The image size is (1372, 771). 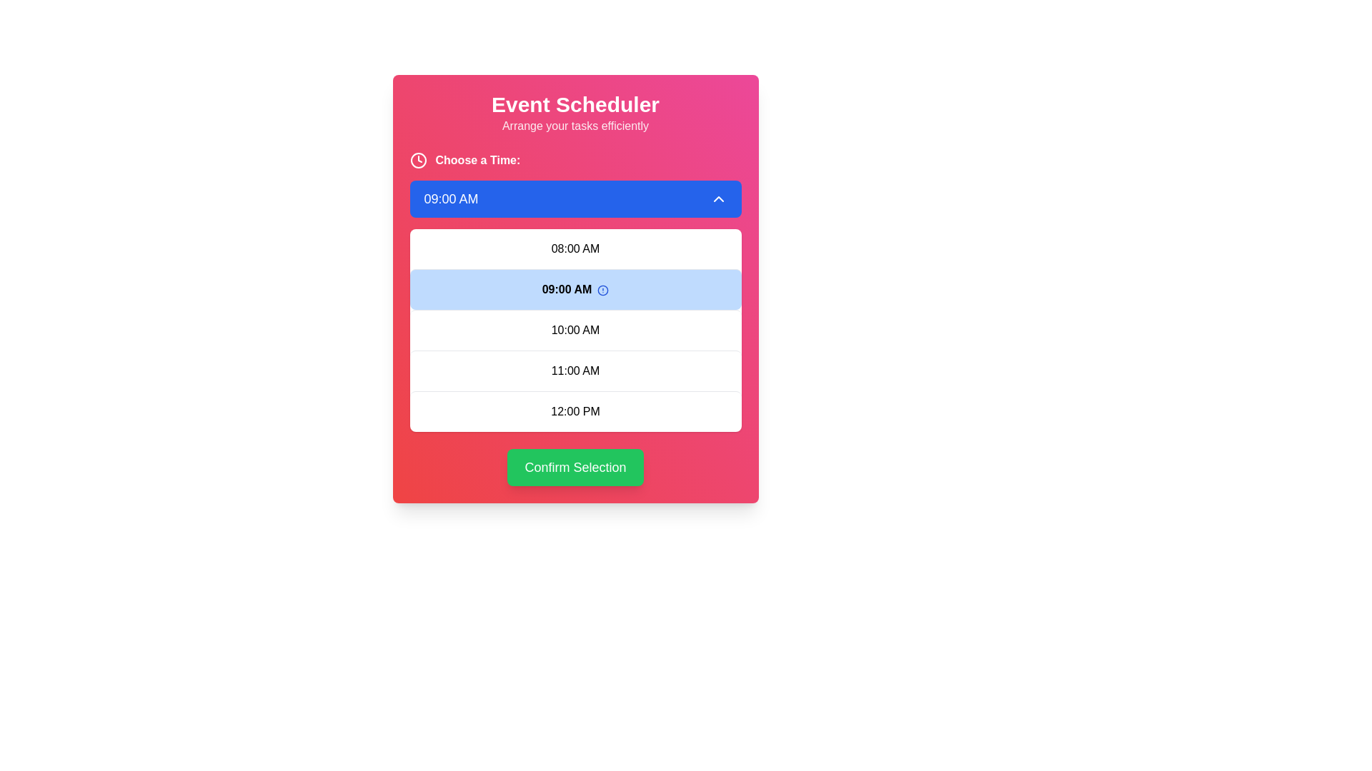 What do you see at coordinates (575, 289) in the screenshot?
I see `the second item in the dropdown menu` at bounding box center [575, 289].